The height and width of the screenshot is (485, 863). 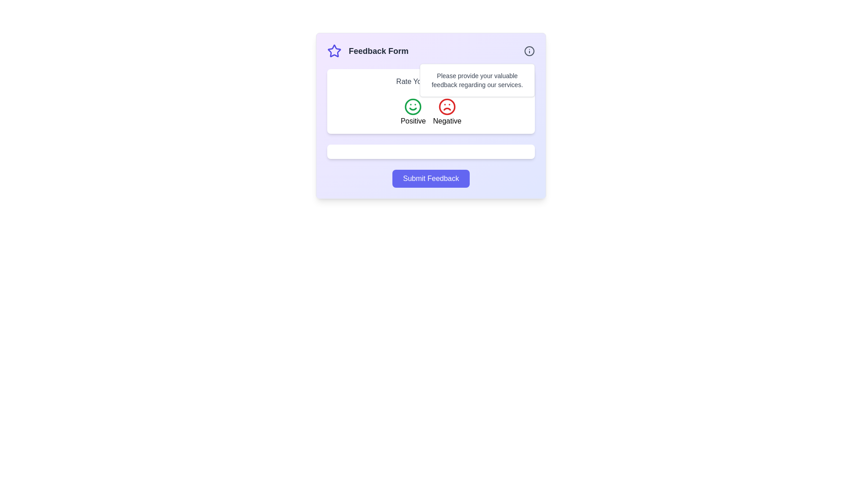 I want to click on the icons in the Interactive rating component to select a rating for the user's experience, which includes a green smiley face for positive and a red frown face for negative feedback, so click(x=431, y=101).